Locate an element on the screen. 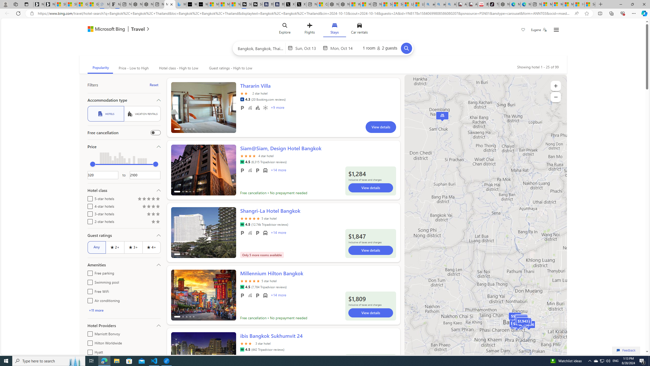 The image size is (650, 366). 'Newsletter Sign Up' is located at coordinates (50, 4).